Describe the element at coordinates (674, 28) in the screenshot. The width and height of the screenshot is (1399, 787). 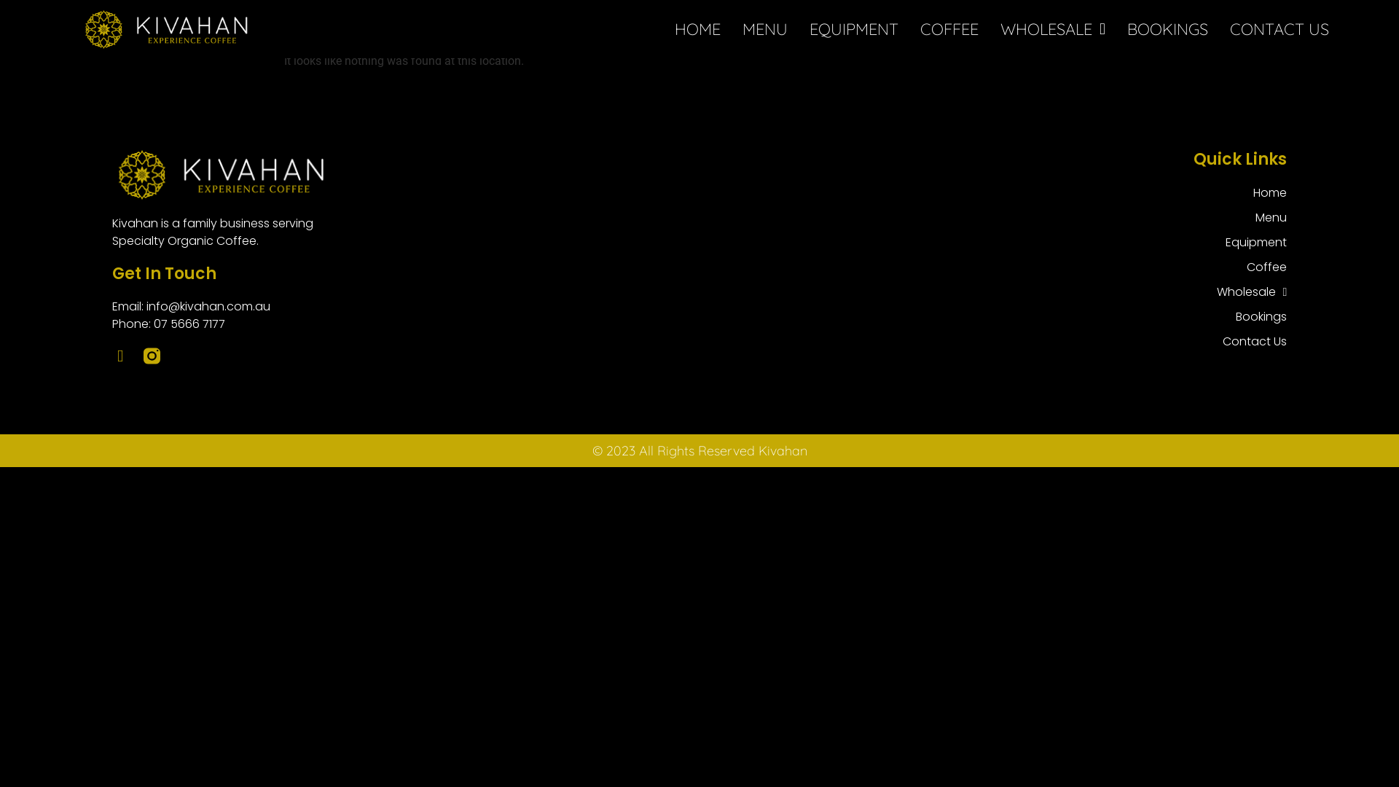
I see `'HOME'` at that location.